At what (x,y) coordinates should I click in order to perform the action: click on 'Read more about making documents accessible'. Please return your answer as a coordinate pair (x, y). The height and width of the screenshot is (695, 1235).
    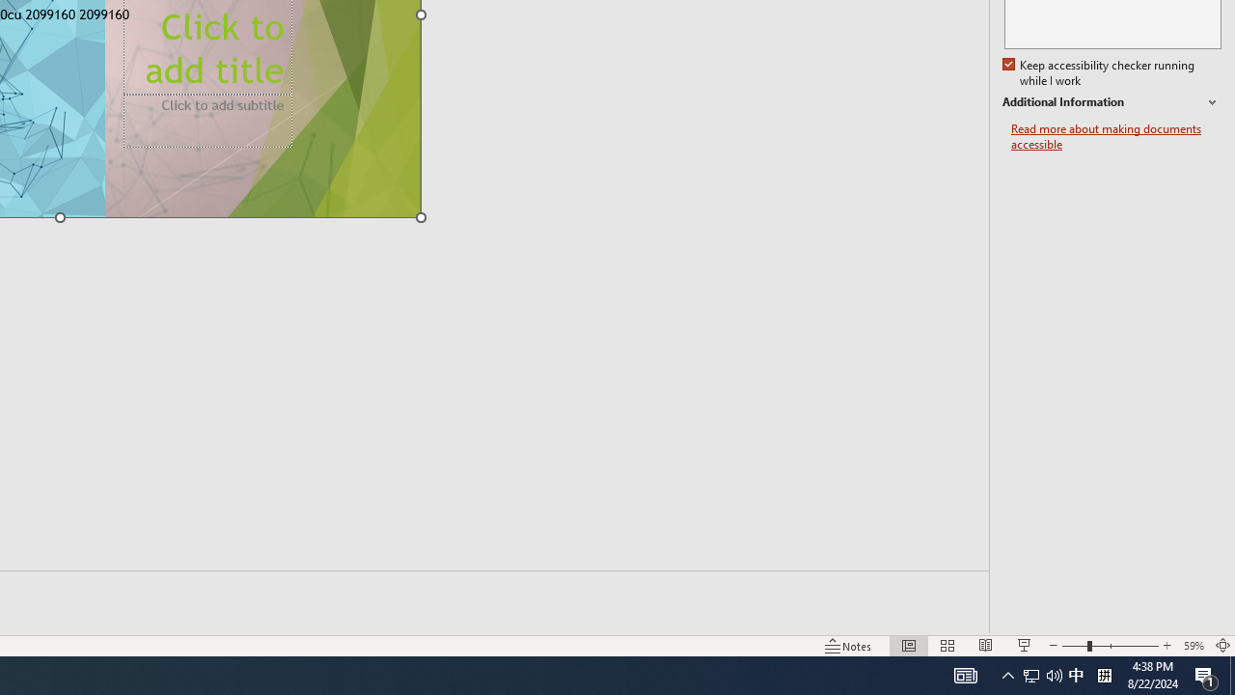
    Looking at the image, I should click on (1116, 136).